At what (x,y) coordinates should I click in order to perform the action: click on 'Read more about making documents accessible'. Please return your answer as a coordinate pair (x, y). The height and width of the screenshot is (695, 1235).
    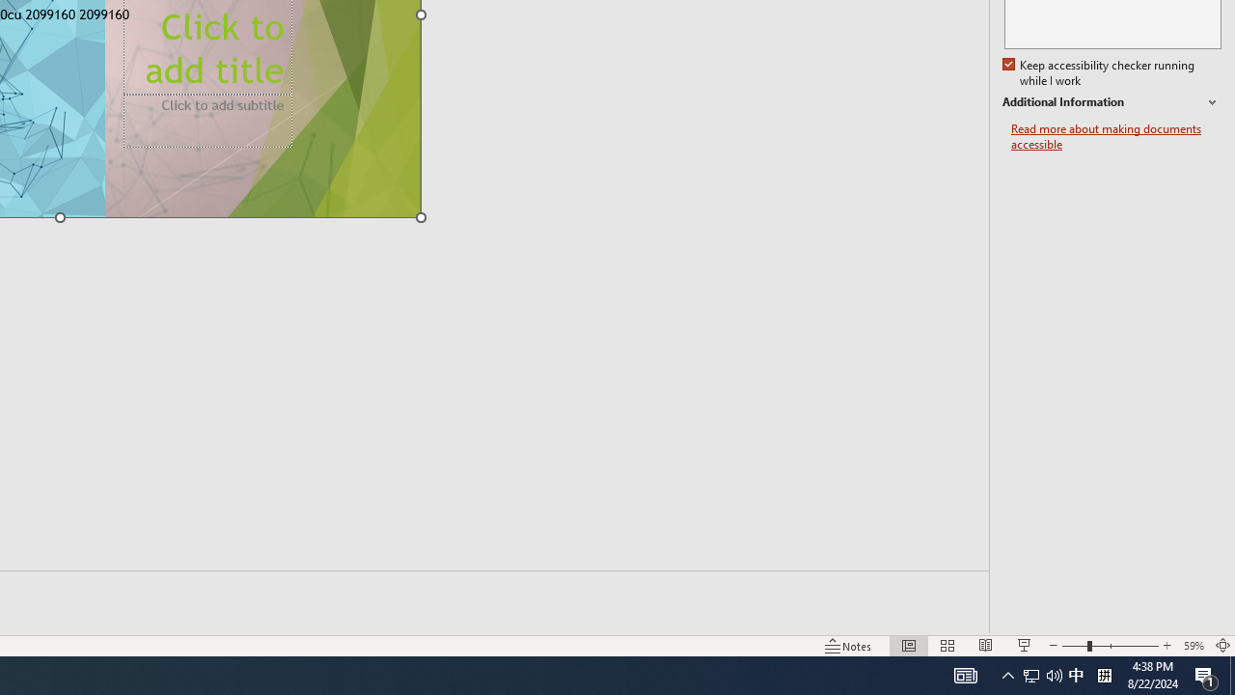
    Looking at the image, I should click on (1116, 136).